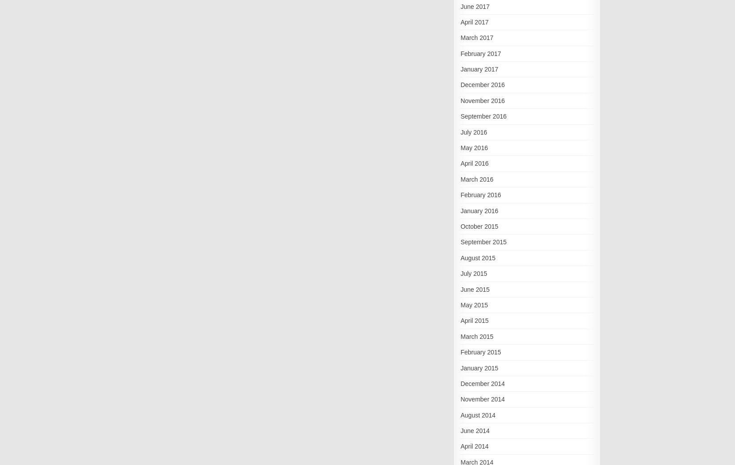  I want to click on 'September 2015', so click(460, 242).